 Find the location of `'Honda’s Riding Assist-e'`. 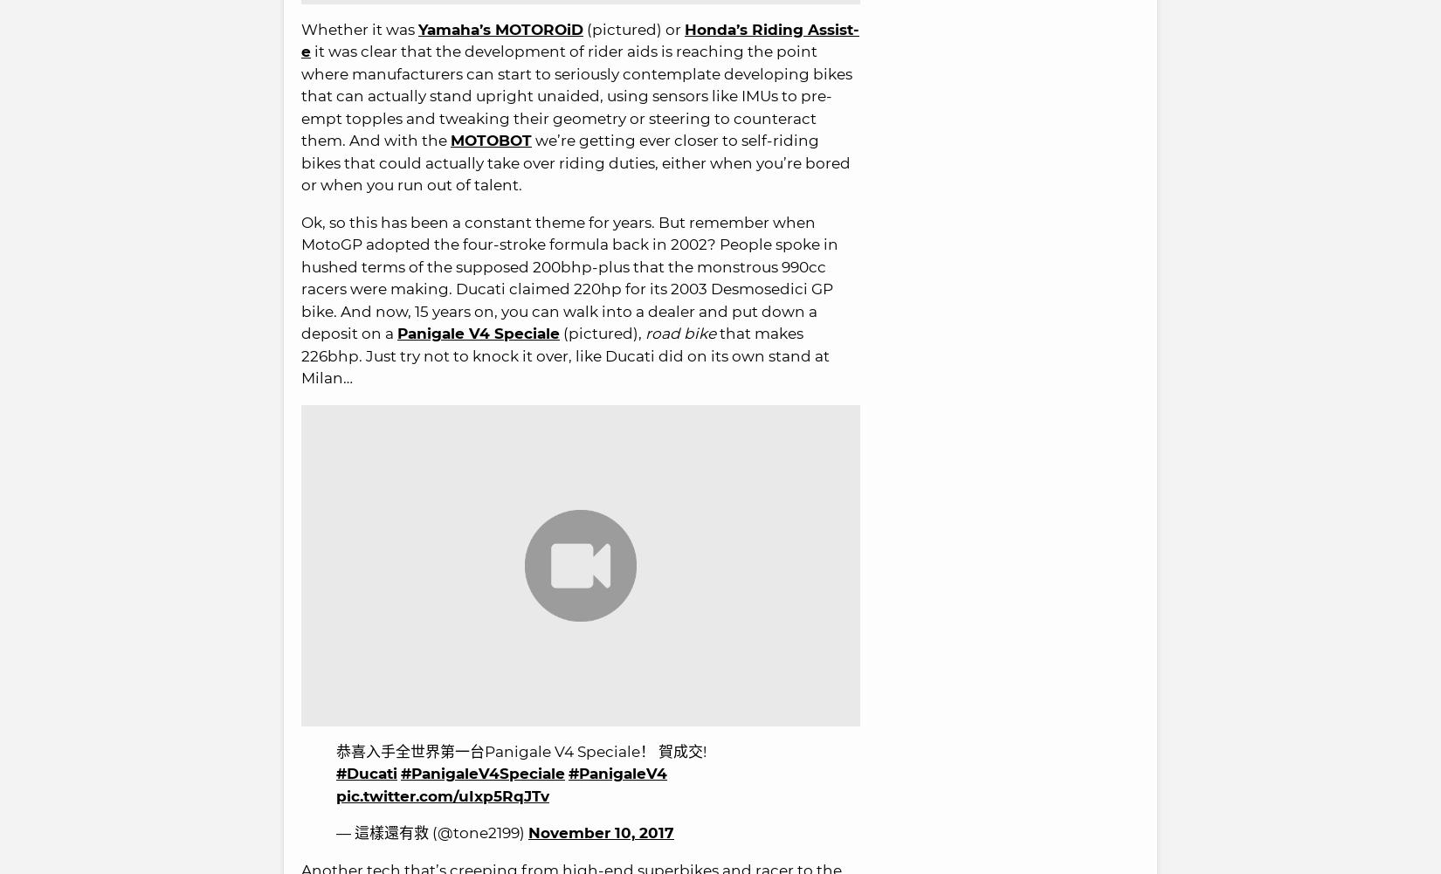

'Honda’s Riding Assist-e' is located at coordinates (579, 40).